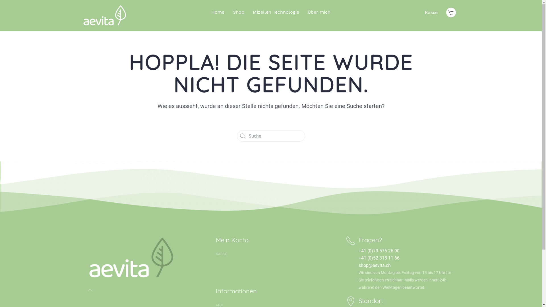 The height and width of the screenshot is (307, 546). Describe the element at coordinates (375, 265) in the screenshot. I see `'shop@aevita.ch'` at that location.